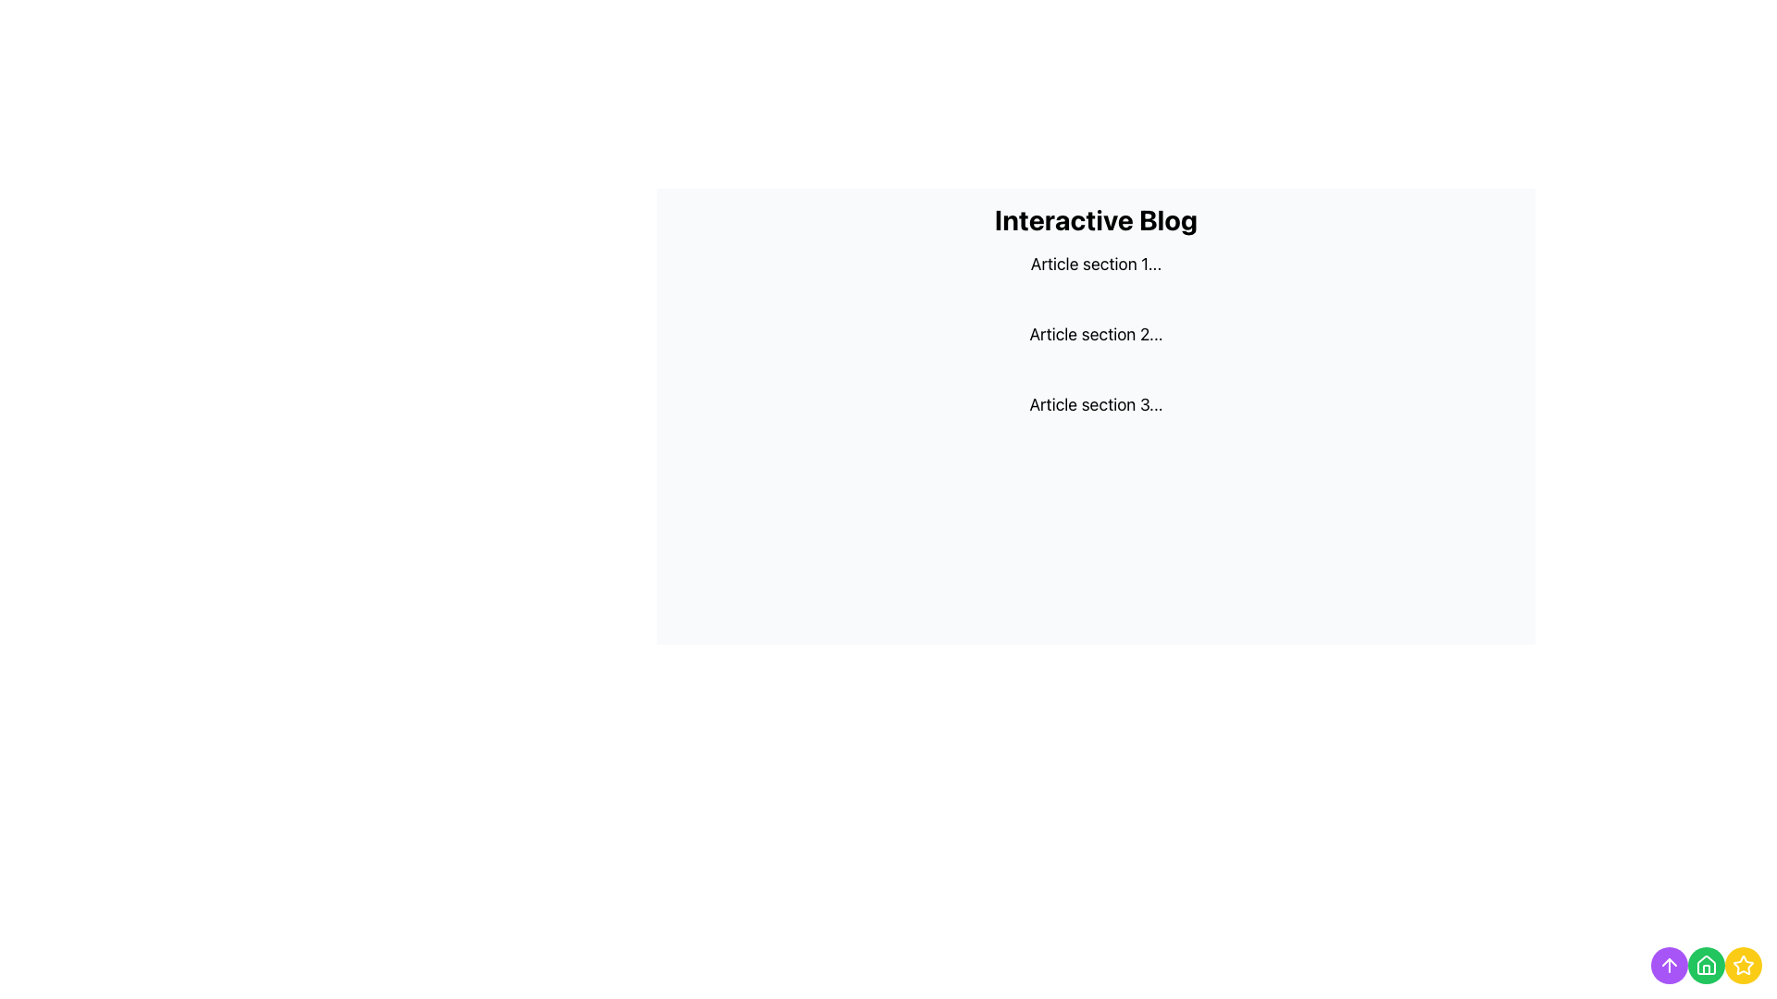 The height and width of the screenshot is (999, 1777). What do you see at coordinates (1705, 965) in the screenshot?
I see `the circular green button with a white house icon located in the bottom-right corner of the interface` at bounding box center [1705, 965].